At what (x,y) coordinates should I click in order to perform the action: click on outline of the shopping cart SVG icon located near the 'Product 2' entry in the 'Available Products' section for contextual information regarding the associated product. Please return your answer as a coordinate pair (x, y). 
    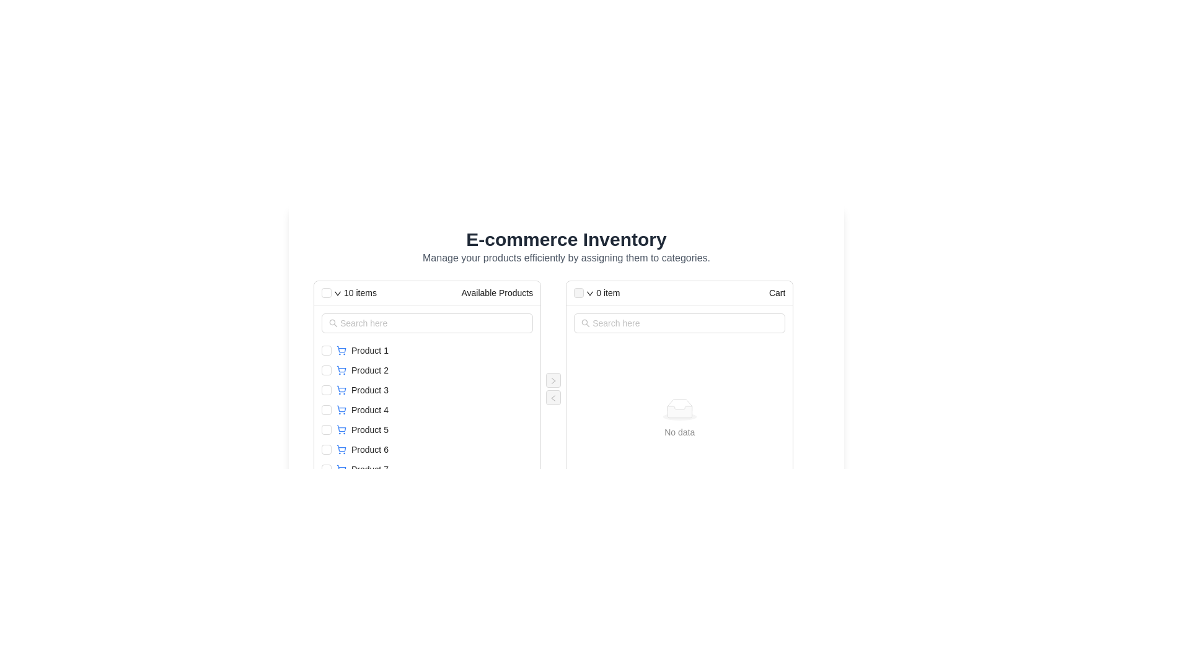
    Looking at the image, I should click on (342, 369).